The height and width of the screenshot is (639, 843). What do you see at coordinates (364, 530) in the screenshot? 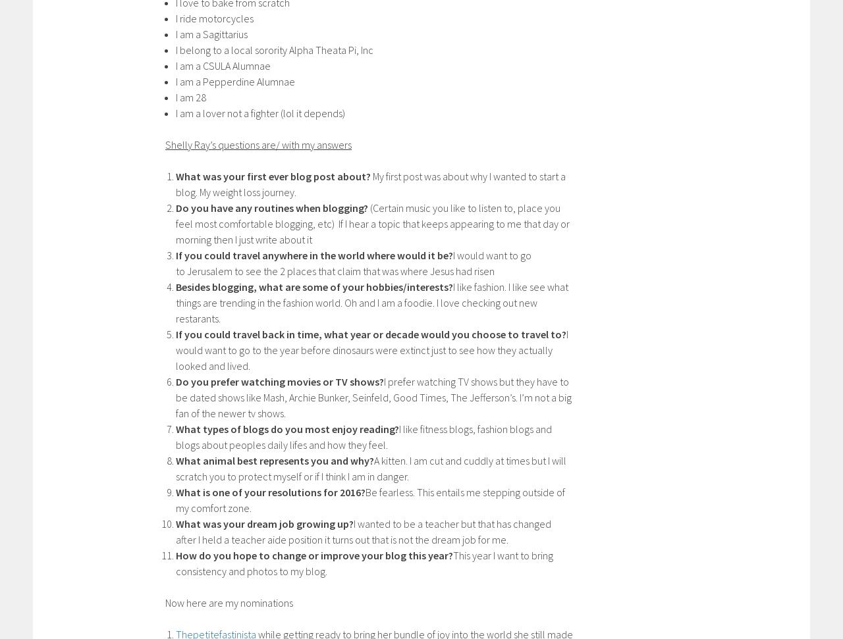
I see `'I wanted to be a teacher but that has changed after I held a teacher aide position it turns out that is not the dream job for me.'` at bounding box center [364, 530].